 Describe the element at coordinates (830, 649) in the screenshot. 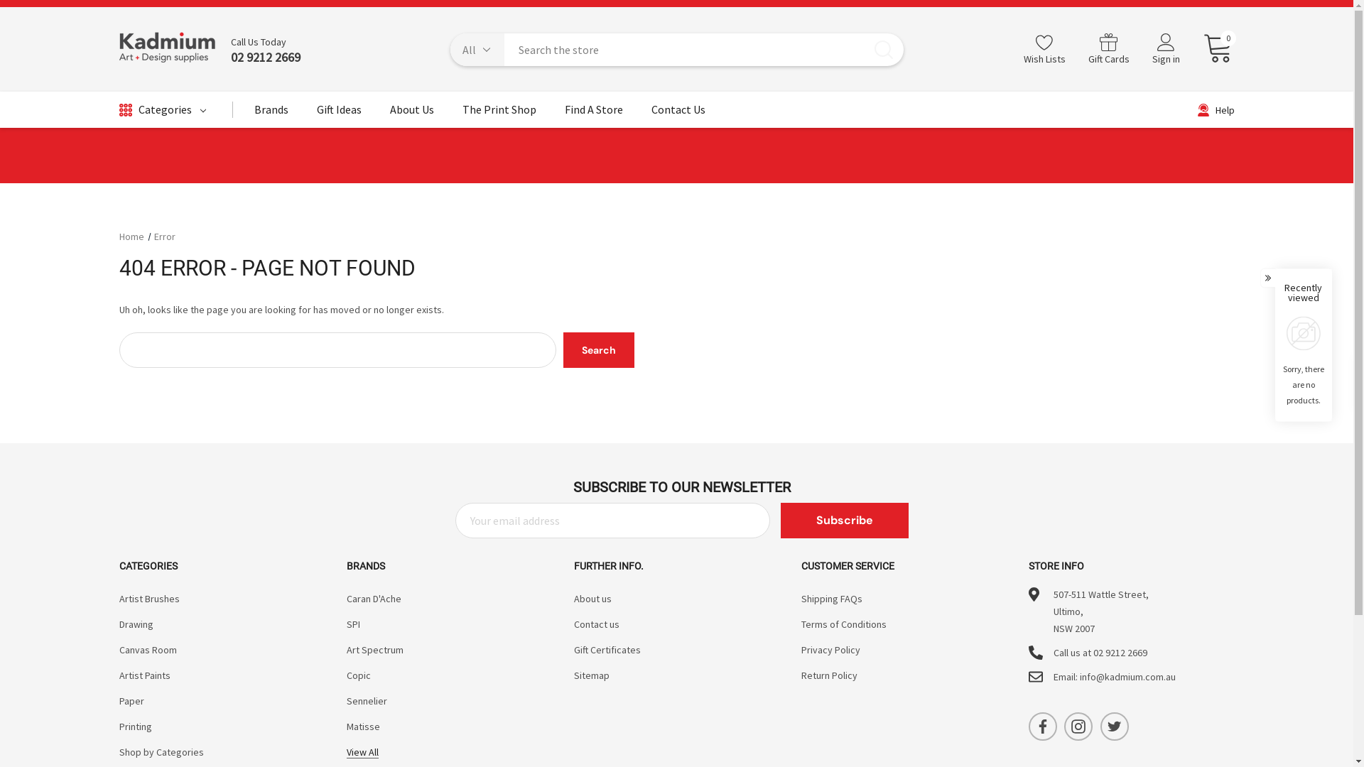

I see `'Privacy Policy'` at that location.